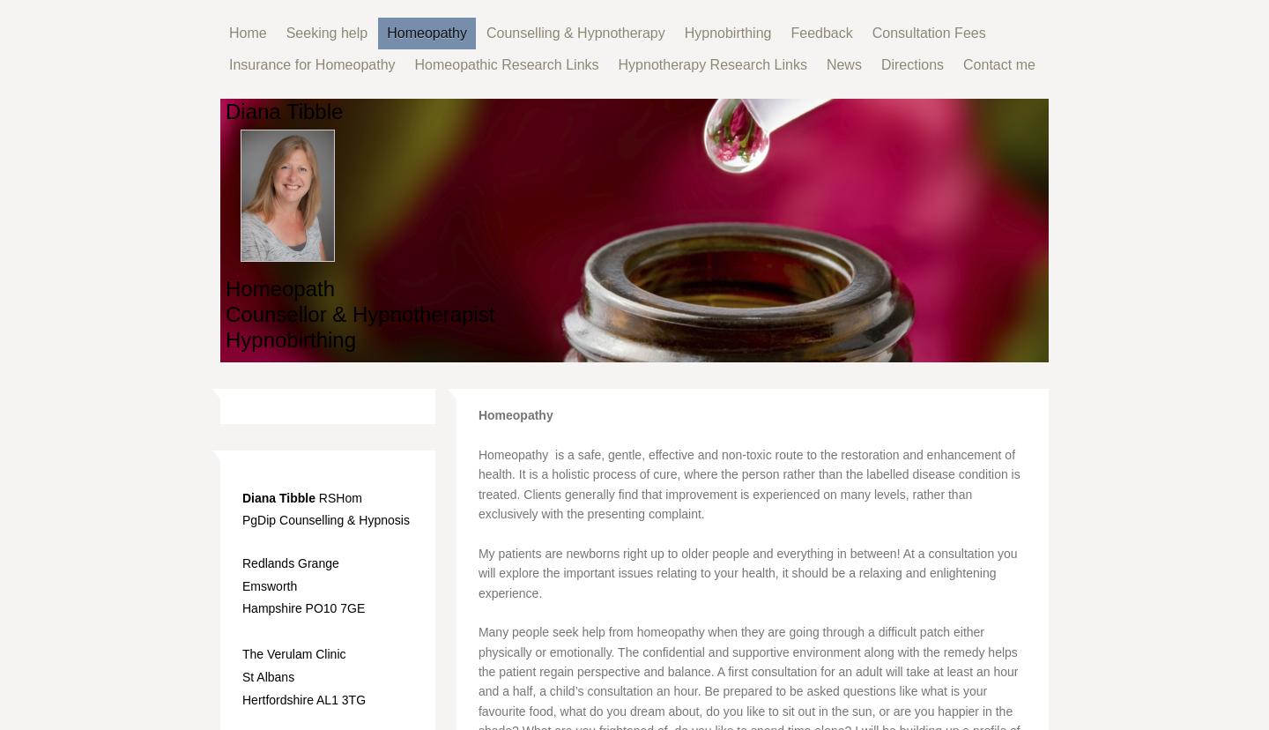 The width and height of the screenshot is (1269, 730). What do you see at coordinates (506, 64) in the screenshot?
I see `'Homeopathic Research Links'` at bounding box center [506, 64].